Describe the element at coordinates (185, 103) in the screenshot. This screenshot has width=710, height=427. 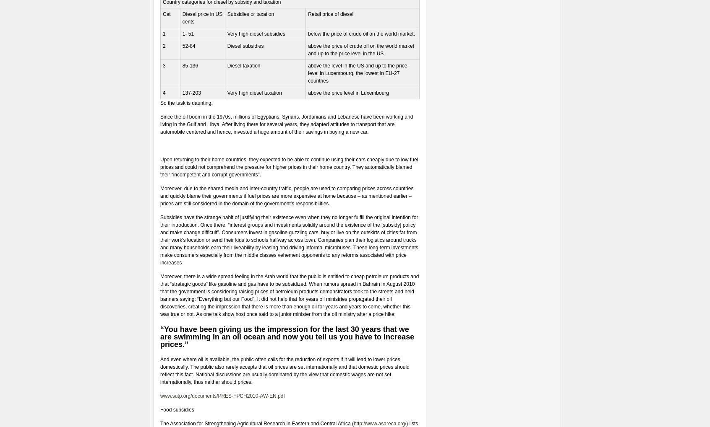
I see `'So the task is daunting:'` at that location.